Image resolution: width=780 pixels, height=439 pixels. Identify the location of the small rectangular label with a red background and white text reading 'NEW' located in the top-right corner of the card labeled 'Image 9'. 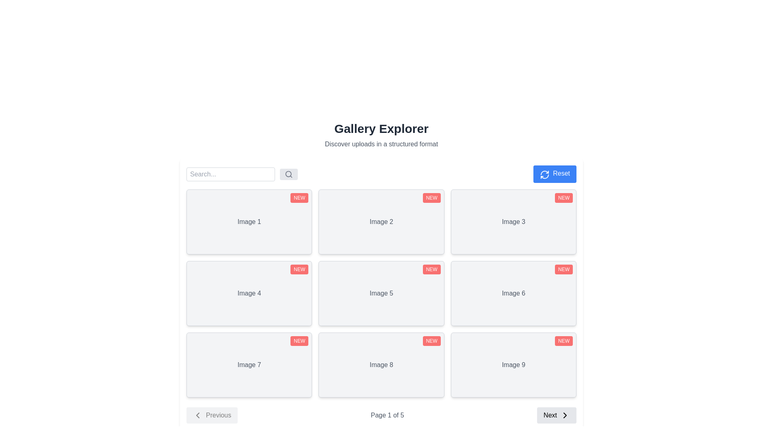
(563, 341).